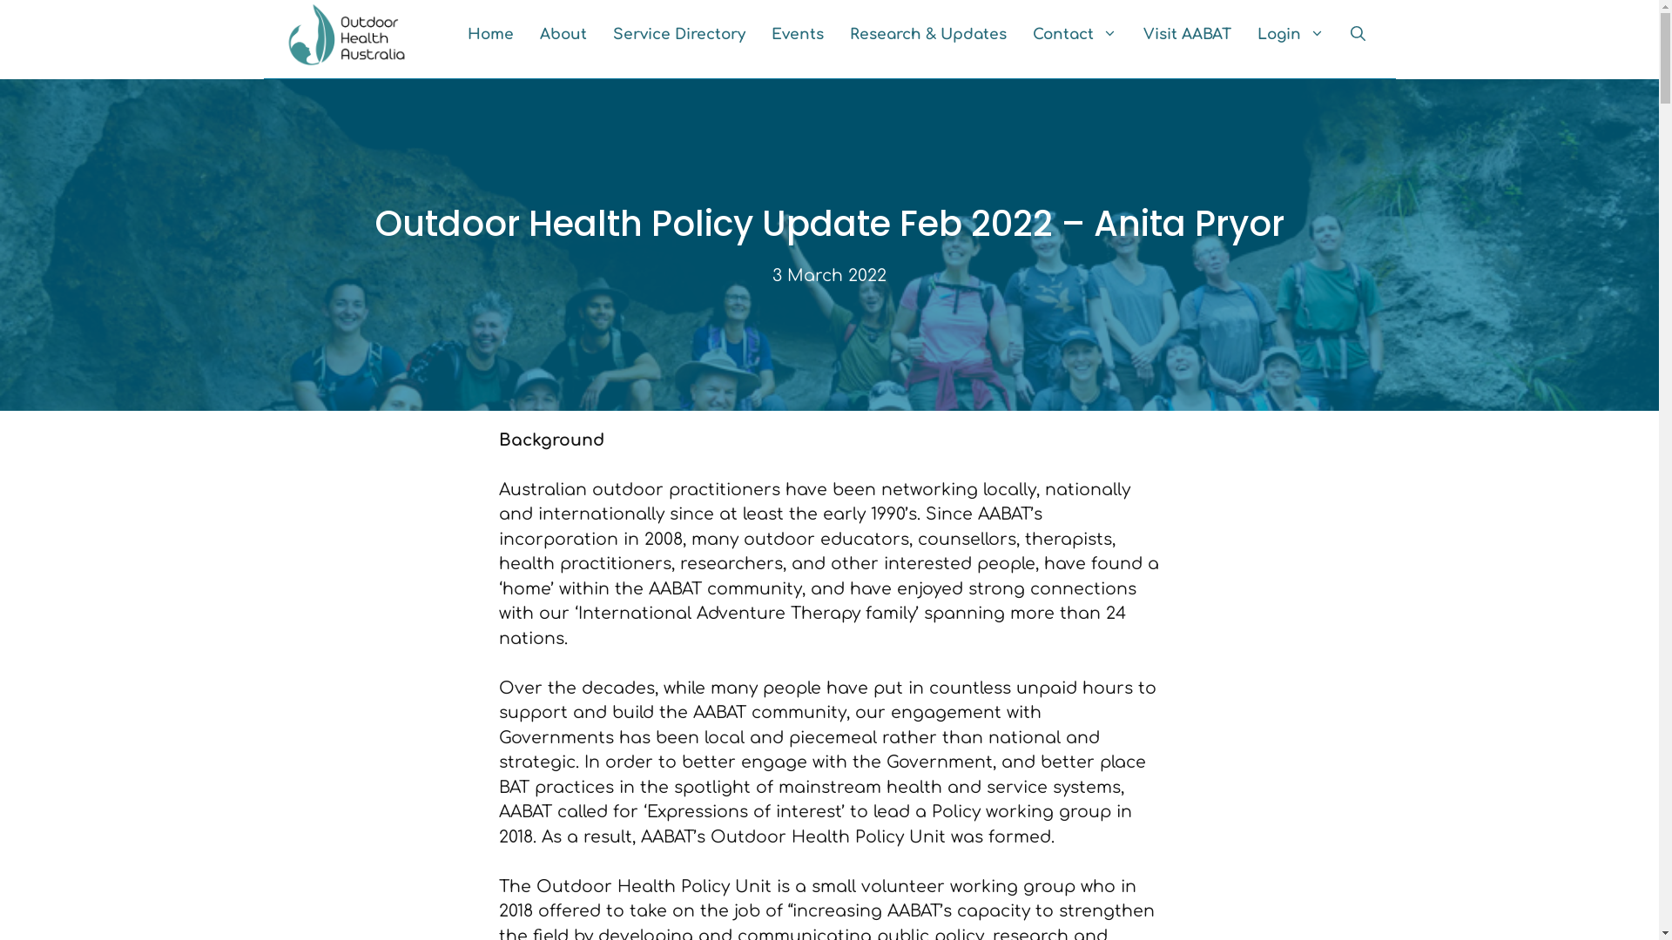  I want to click on 'Visit AABAT', so click(1129, 34).